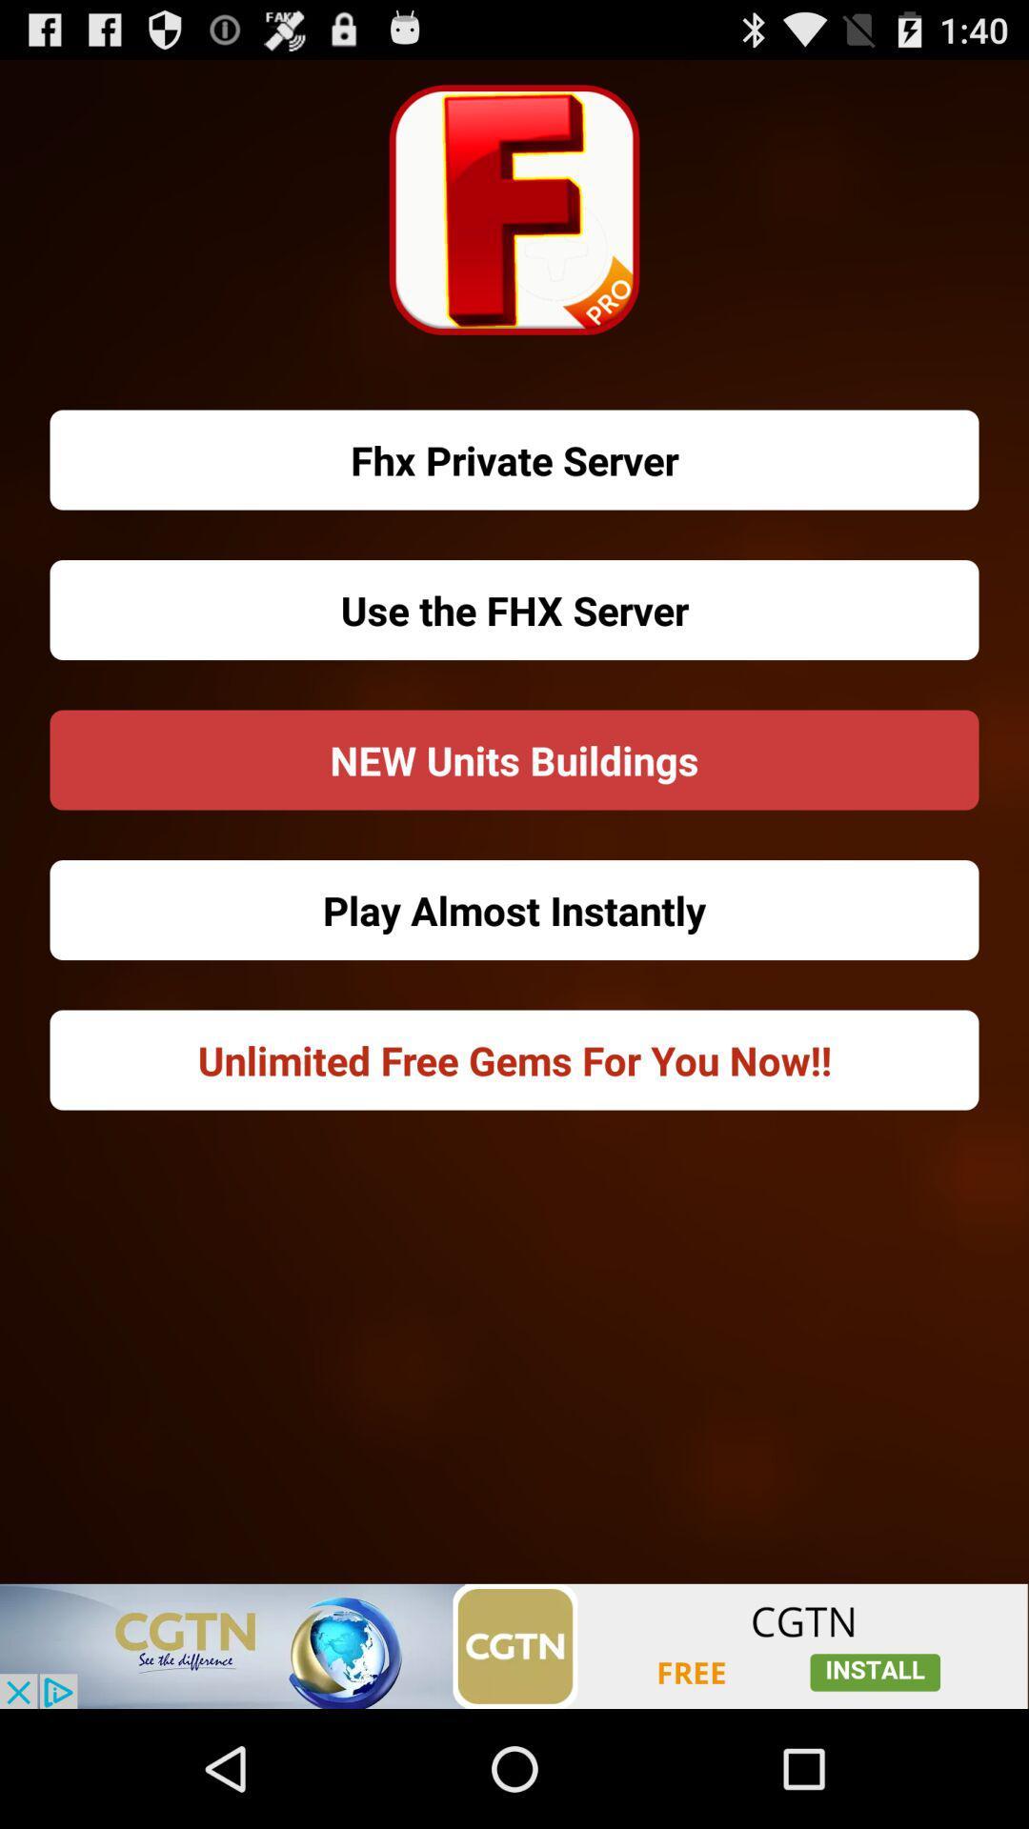  What do you see at coordinates (514, 1645) in the screenshot?
I see `click the add` at bounding box center [514, 1645].